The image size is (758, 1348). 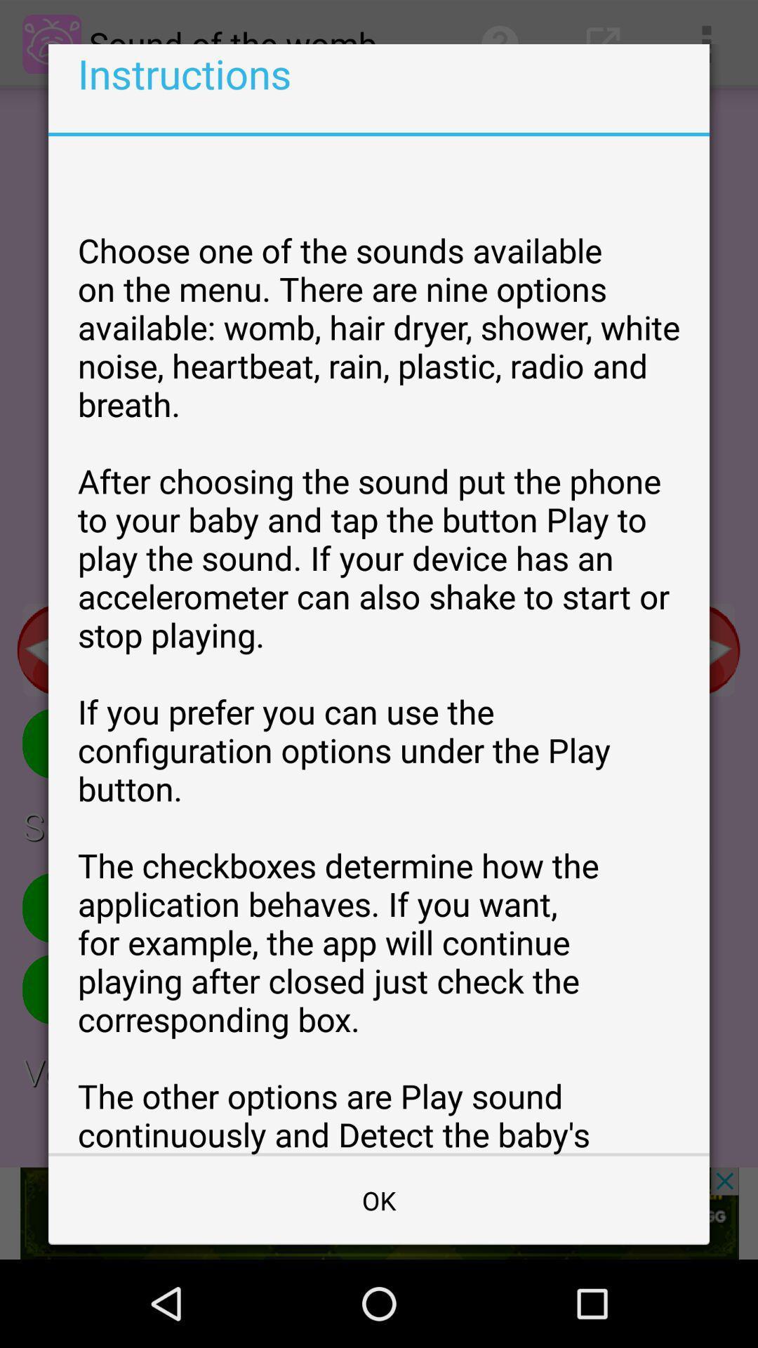 I want to click on the ok icon, so click(x=379, y=1199).